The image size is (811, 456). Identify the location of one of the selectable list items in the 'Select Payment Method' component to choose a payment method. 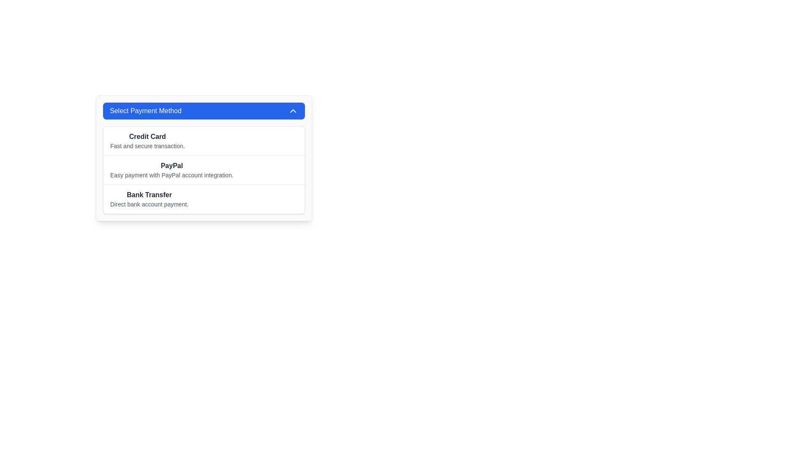
(204, 170).